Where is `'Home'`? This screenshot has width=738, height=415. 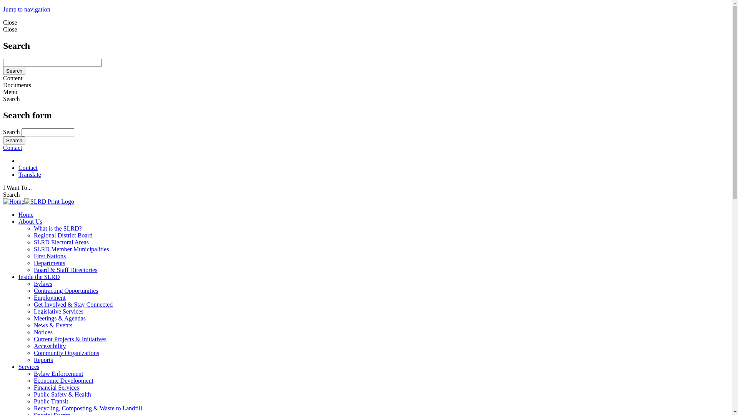
'Home' is located at coordinates (38, 201).